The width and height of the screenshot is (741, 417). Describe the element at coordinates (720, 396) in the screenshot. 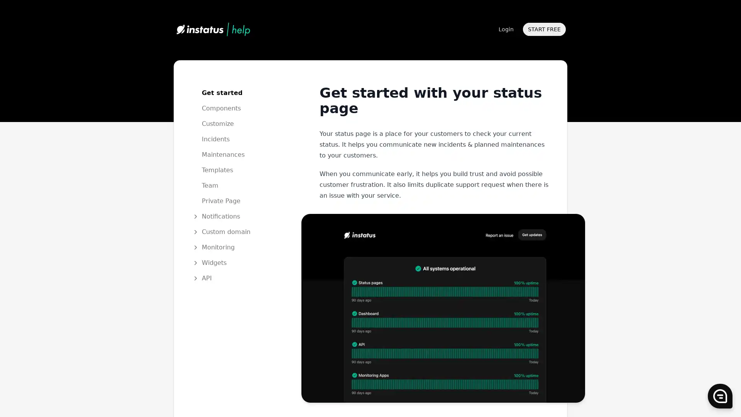

I see `Launch Front Chat` at that location.